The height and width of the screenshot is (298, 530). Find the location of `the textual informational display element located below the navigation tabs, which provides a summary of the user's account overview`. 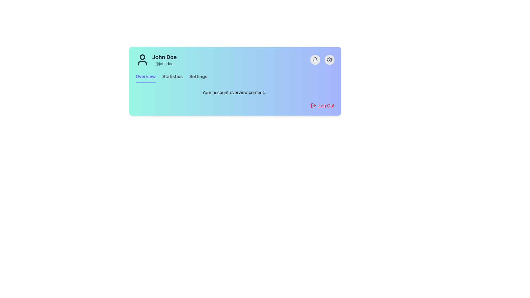

the textual informational display element located below the navigation tabs, which provides a summary of the user's account overview is located at coordinates (235, 92).